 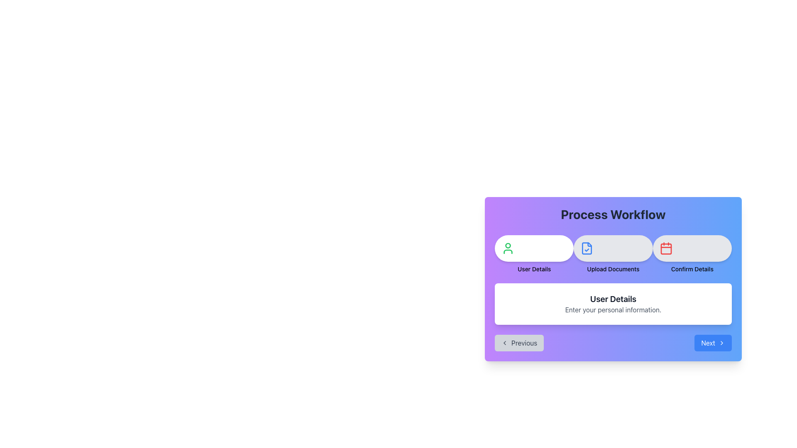 What do you see at coordinates (613, 214) in the screenshot?
I see `the Text Label that serves as a title or header for the workflow card, positioned at the top center of the card, which provides context about the card's content and function` at bounding box center [613, 214].